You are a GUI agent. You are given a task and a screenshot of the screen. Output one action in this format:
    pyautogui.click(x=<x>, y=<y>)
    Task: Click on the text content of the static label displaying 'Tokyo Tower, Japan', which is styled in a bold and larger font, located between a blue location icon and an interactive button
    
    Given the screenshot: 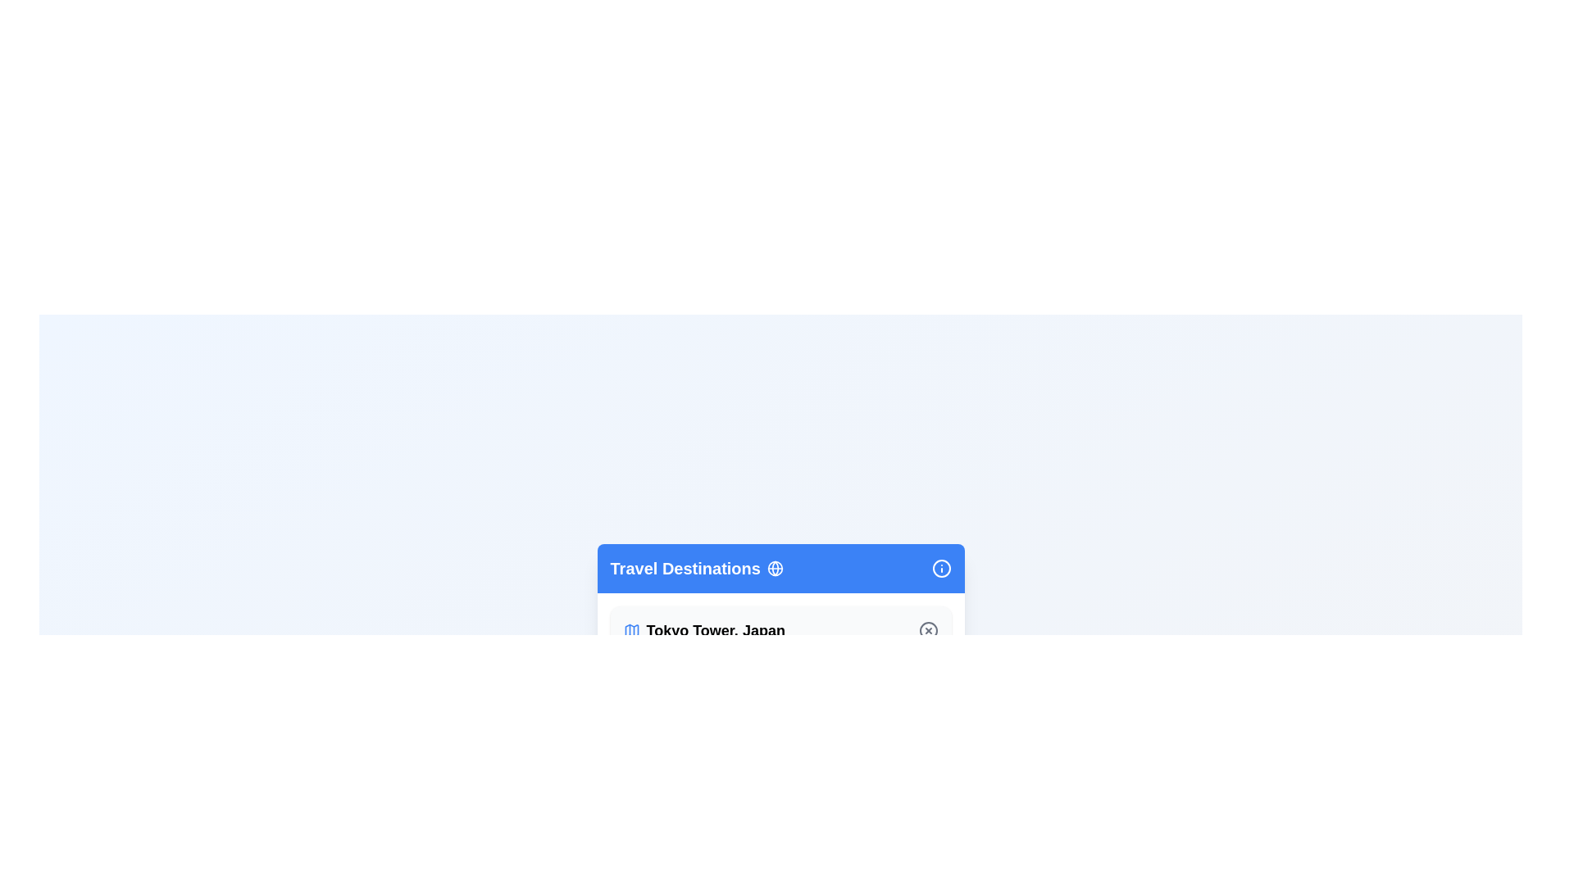 What is the action you would take?
    pyautogui.click(x=716, y=630)
    